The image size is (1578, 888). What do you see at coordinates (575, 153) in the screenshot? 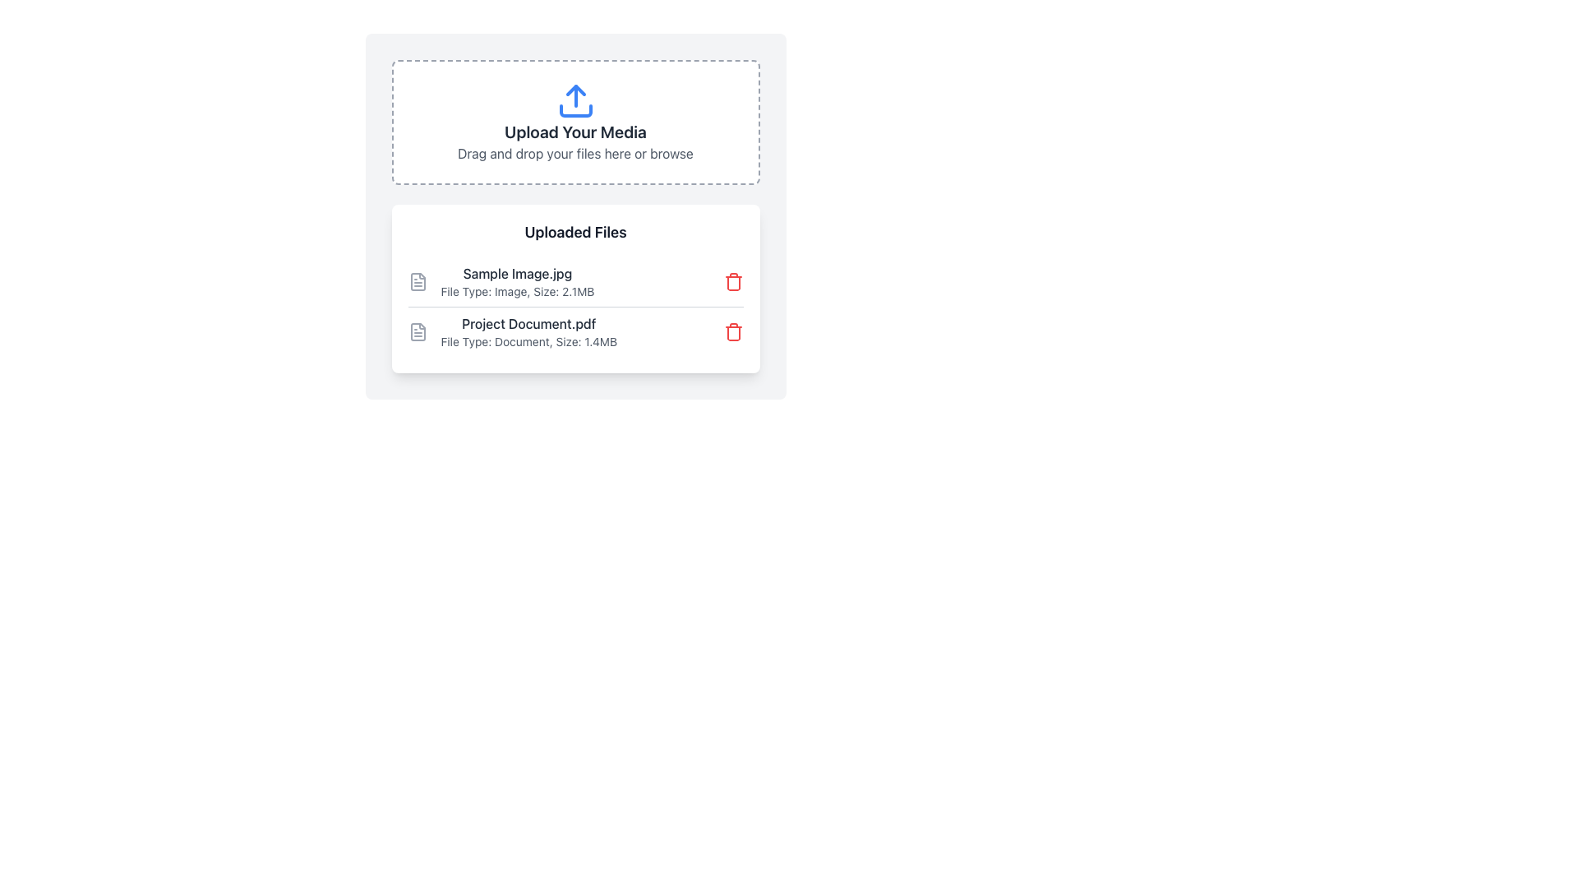
I see `the text label that reads 'Drag and drop your files here or browse', which is located directly below the text 'Upload Your Media' in a muted gray color` at bounding box center [575, 153].